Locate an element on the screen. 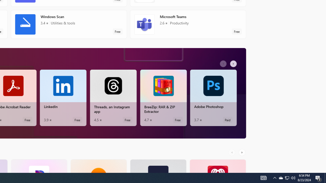 Image resolution: width=326 pixels, height=183 pixels. 'AutomationID: RightScrollButton' is located at coordinates (242, 152).